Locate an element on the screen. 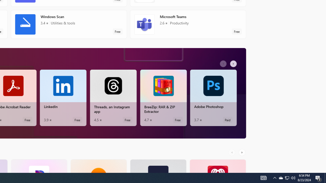 Image resolution: width=326 pixels, height=183 pixels. 'AutomationID: RightScrollButton' is located at coordinates (242, 152).